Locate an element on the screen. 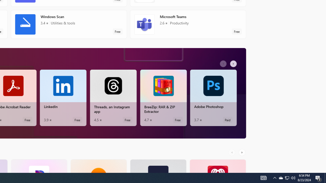 Image resolution: width=326 pixels, height=183 pixels. 'AutomationID: RightScrollButton' is located at coordinates (242, 152).